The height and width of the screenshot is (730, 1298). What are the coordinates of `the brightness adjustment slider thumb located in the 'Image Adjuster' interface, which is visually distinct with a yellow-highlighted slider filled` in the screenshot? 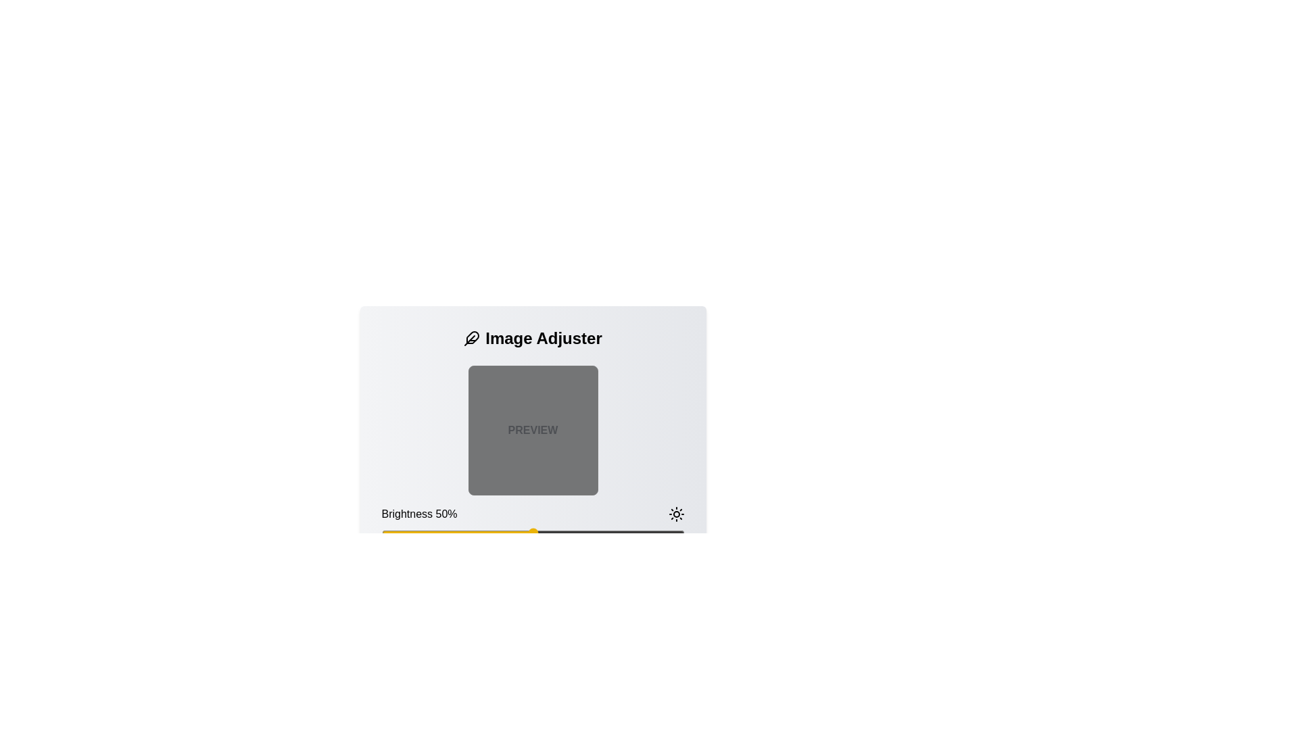 It's located at (532, 552).